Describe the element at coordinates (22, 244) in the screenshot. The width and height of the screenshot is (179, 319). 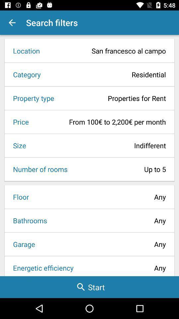
I see `item next to the any` at that location.